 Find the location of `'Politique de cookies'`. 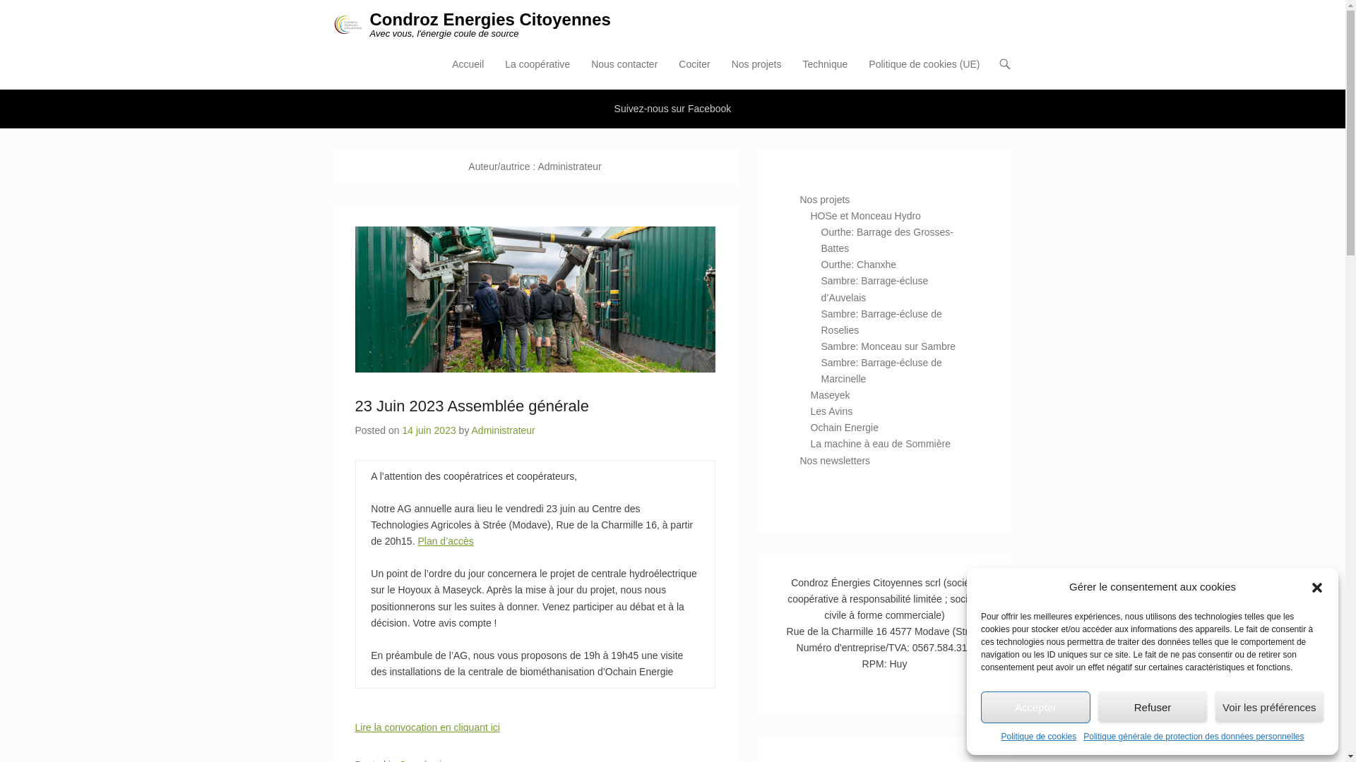

'Politique de cookies' is located at coordinates (1039, 737).